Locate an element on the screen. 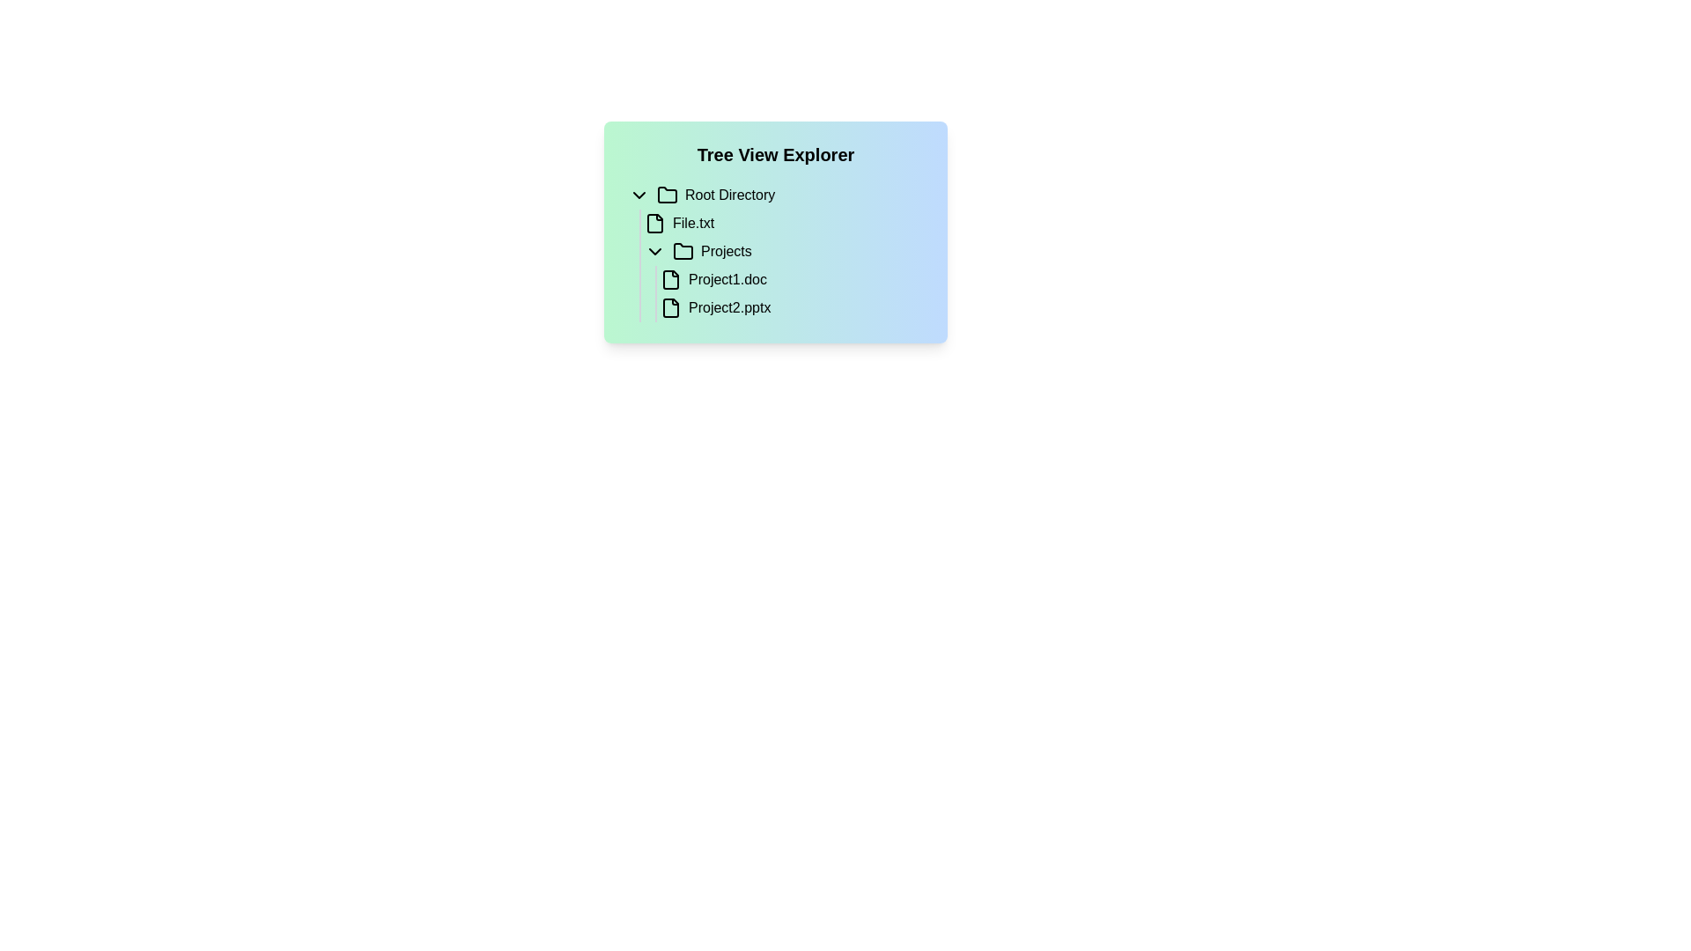 The image size is (1691, 951). the context of the file icon associated with the label 'Project1.doc' in the file tree structure is located at coordinates (670, 278).